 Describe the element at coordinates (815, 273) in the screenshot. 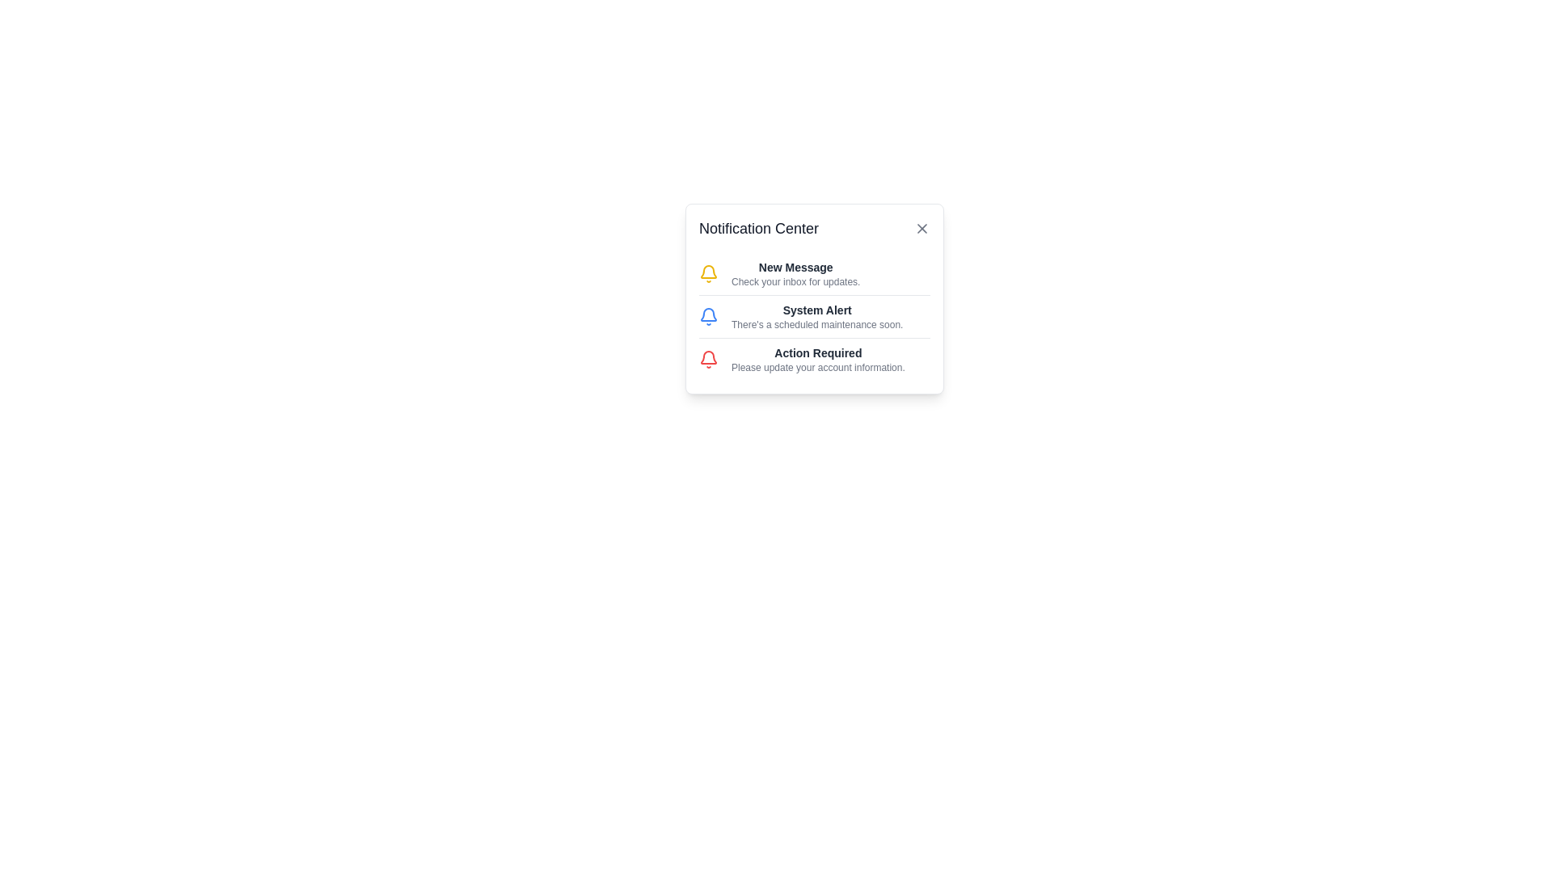

I see `the Notification item that informs the user about a new message, located directly beneath the 'Notification Center' title and above the 'System Alert' entry` at that location.